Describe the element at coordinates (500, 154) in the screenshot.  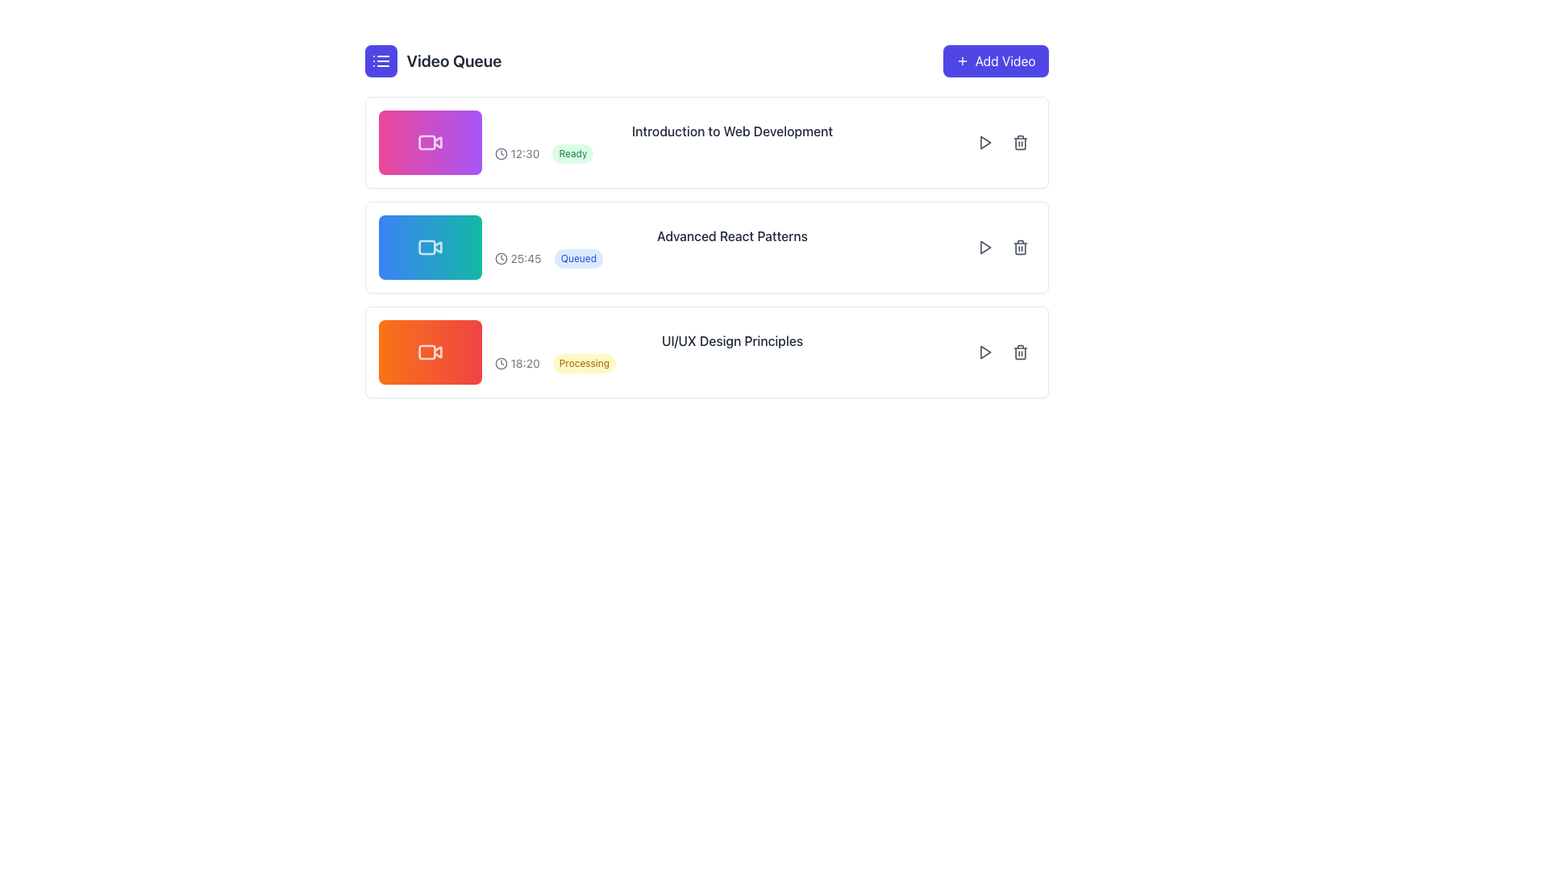
I see `the time icon located on the left side of the time text '12:30' in the first row of the vertical list labeled 'Introduction to Web Development'` at that location.